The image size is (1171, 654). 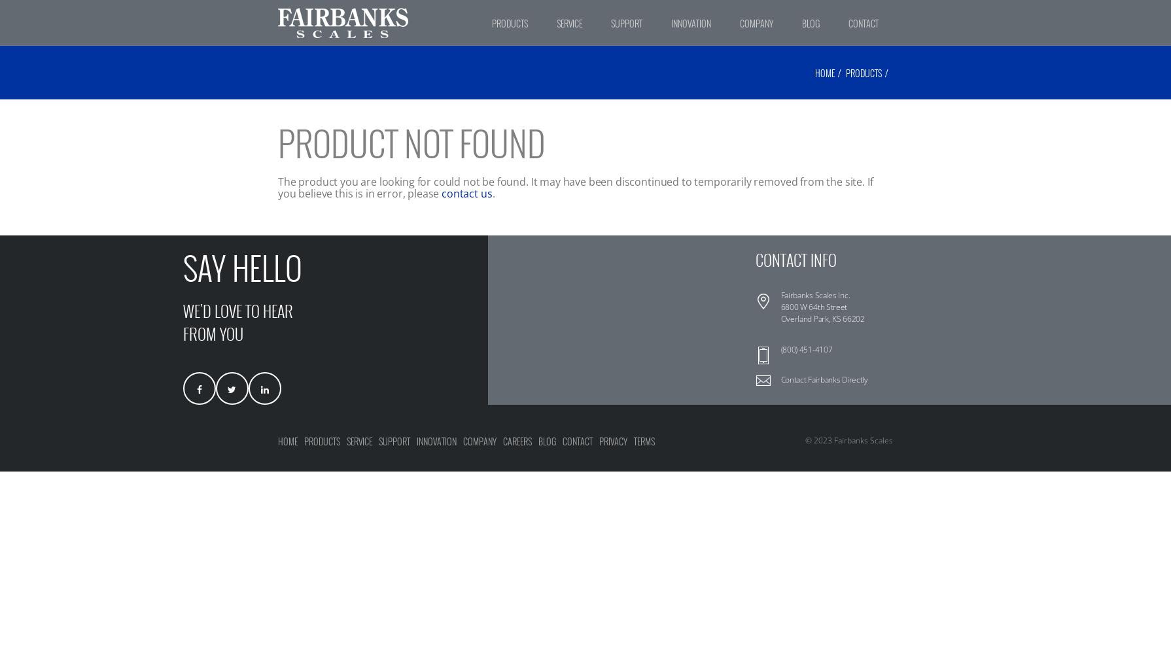 What do you see at coordinates (394, 441) in the screenshot?
I see `'Support'` at bounding box center [394, 441].